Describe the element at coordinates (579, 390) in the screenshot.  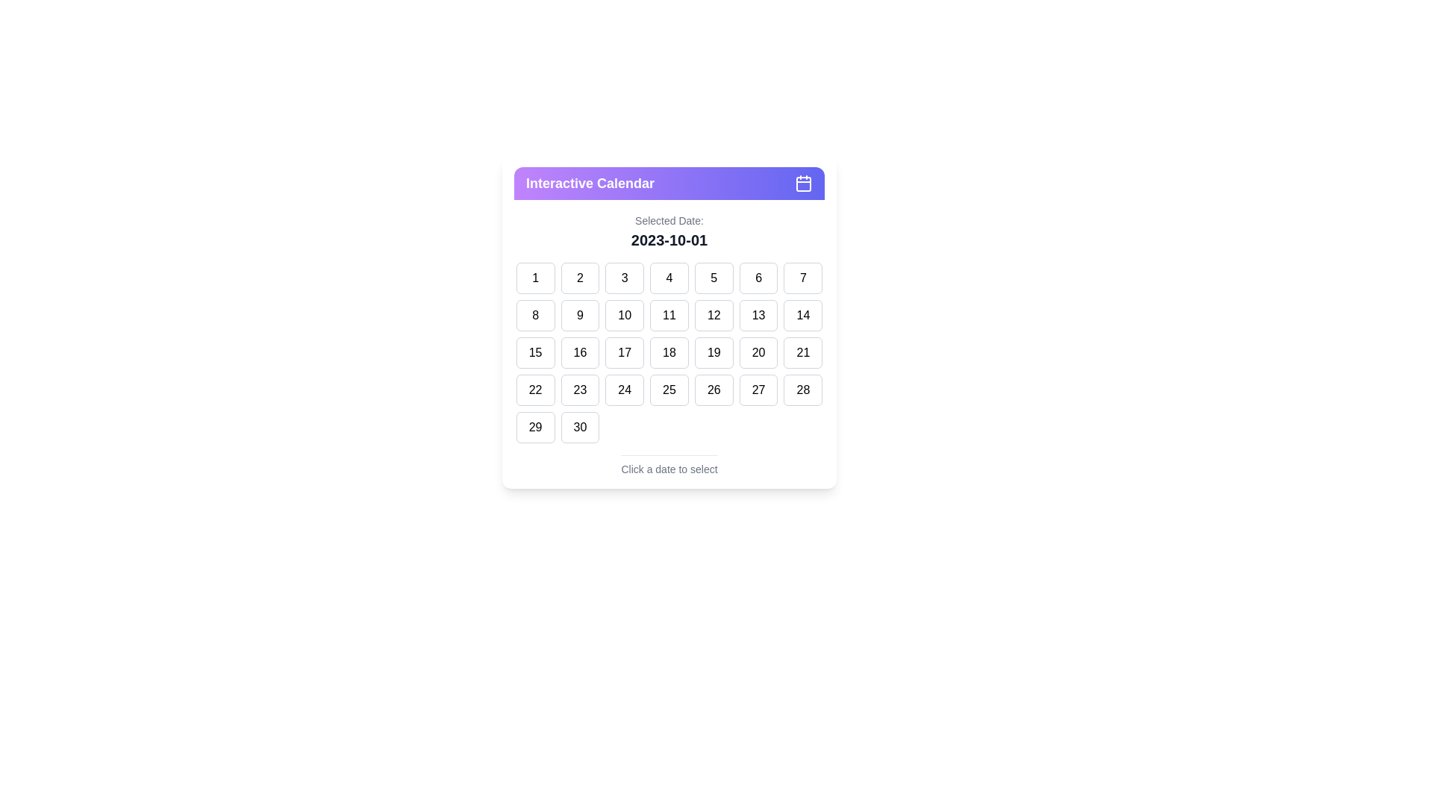
I see `the small rectangular button displaying '23' for keyboard interaction, located in the second position of the seventh row in the grid under 'Interactive Calendar'` at that location.